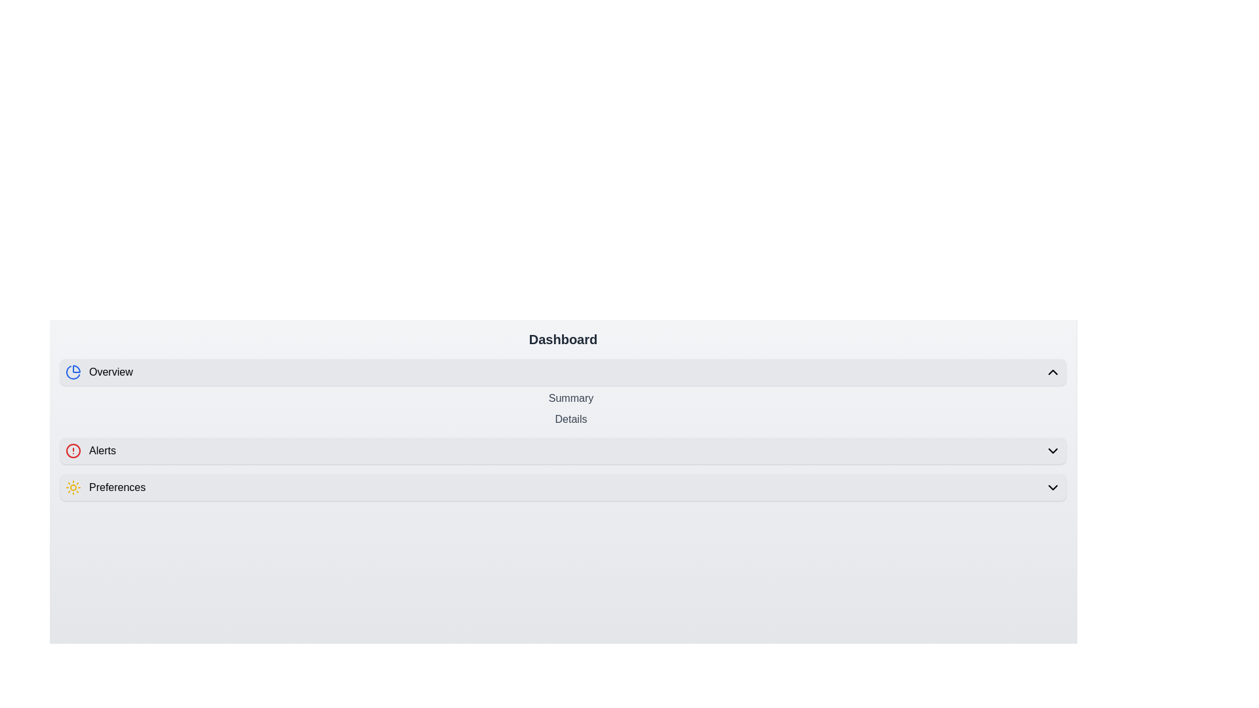 The width and height of the screenshot is (1259, 708). I want to click on the 'Overview' icon located at the left of the 'Overview' text on the dashboard to identify the section it represents, so click(72, 372).